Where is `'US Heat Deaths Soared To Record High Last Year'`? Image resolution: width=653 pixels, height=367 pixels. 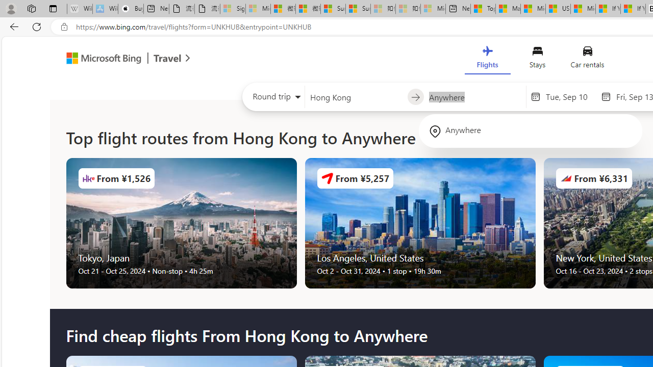 'US Heat Deaths Soared To Record High Last Year' is located at coordinates (557, 9).